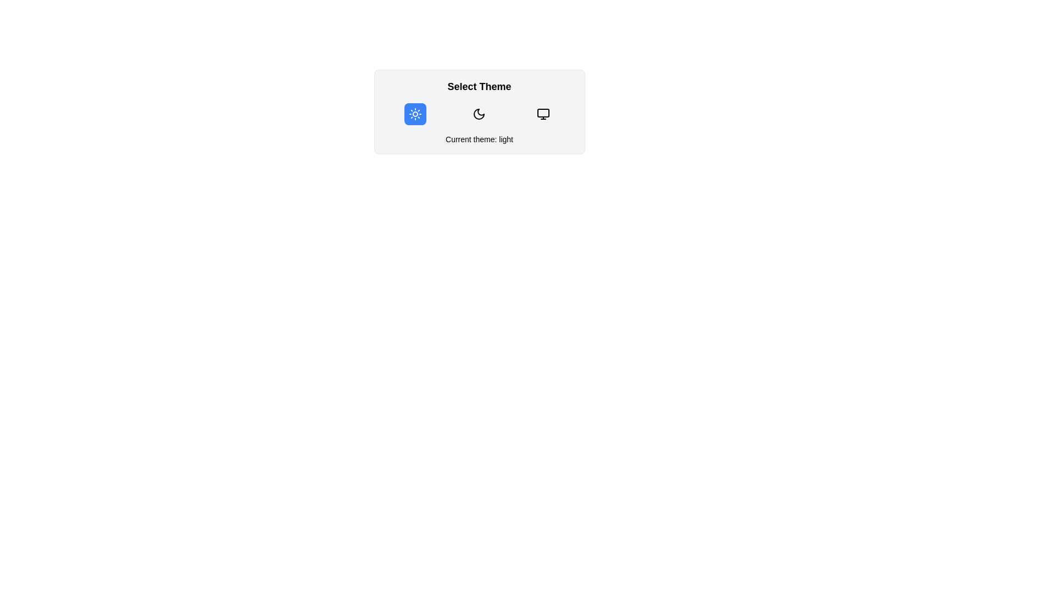 Image resolution: width=1055 pixels, height=593 pixels. What do you see at coordinates (543, 114) in the screenshot?
I see `the 'monitor' theme icon, which is the third option` at bounding box center [543, 114].